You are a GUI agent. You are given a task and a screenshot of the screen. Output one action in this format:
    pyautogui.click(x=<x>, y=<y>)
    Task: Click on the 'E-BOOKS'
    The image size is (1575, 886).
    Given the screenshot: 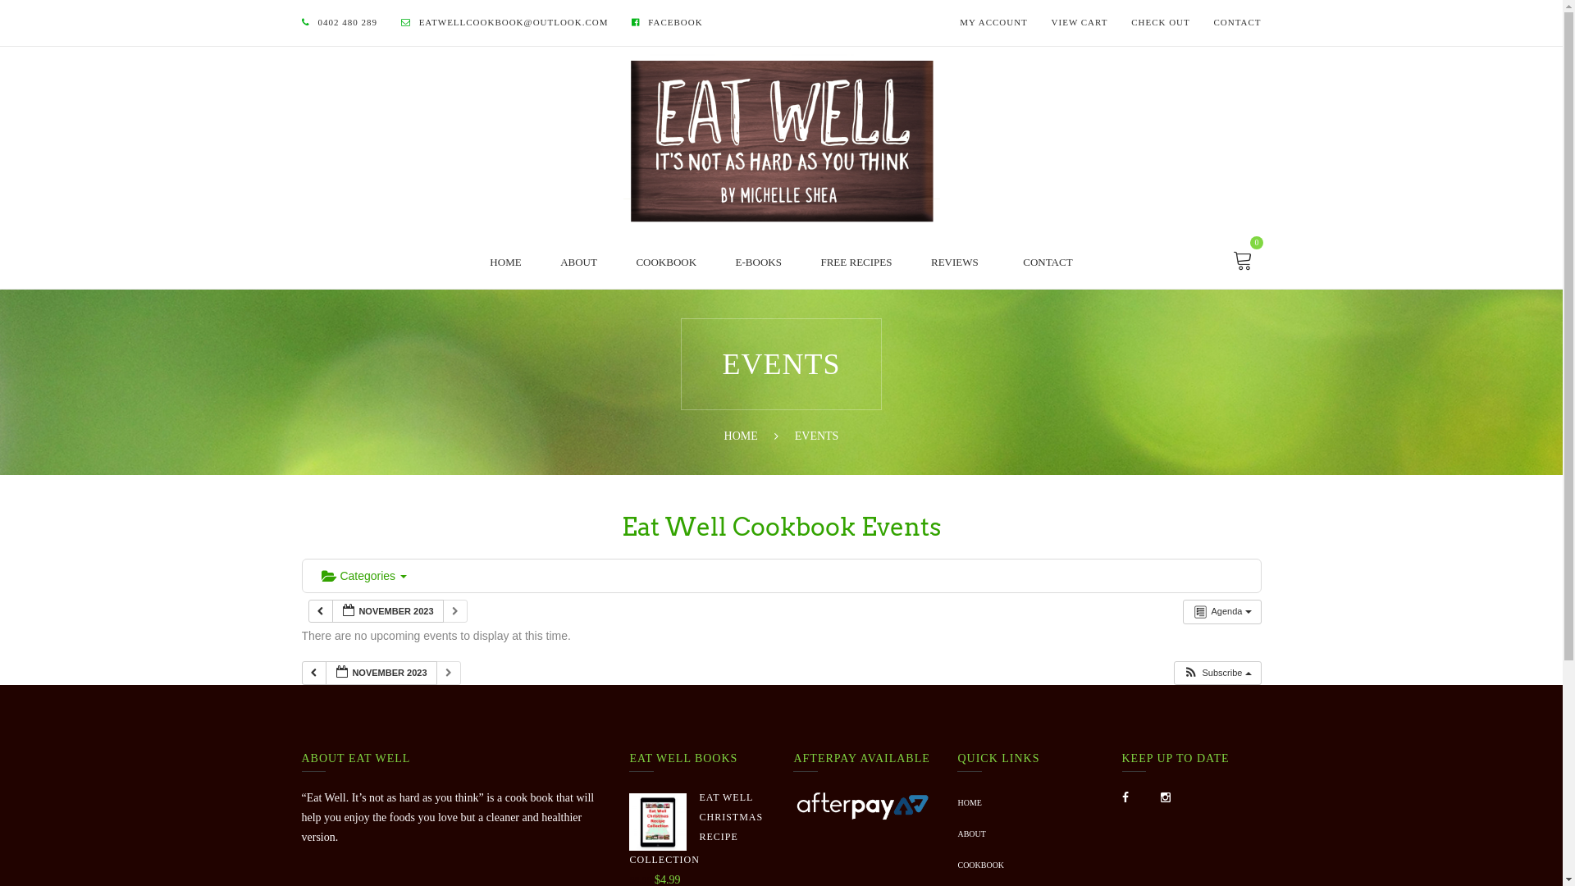 What is the action you would take?
    pyautogui.click(x=717, y=262)
    